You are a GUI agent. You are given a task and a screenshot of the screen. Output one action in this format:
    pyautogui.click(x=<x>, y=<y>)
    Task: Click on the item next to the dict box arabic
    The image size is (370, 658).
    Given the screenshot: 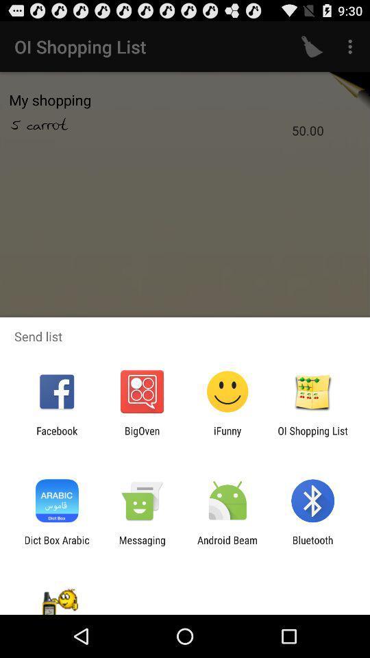 What is the action you would take?
    pyautogui.click(x=141, y=546)
    